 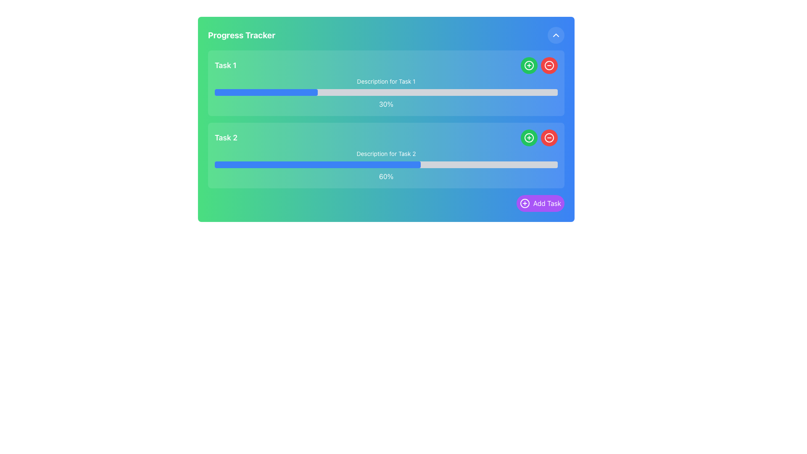 What do you see at coordinates (385, 176) in the screenshot?
I see `the label displaying '60%' that indicates the completion percentage of 'Task 2', positioned below the blue progress bar` at bounding box center [385, 176].